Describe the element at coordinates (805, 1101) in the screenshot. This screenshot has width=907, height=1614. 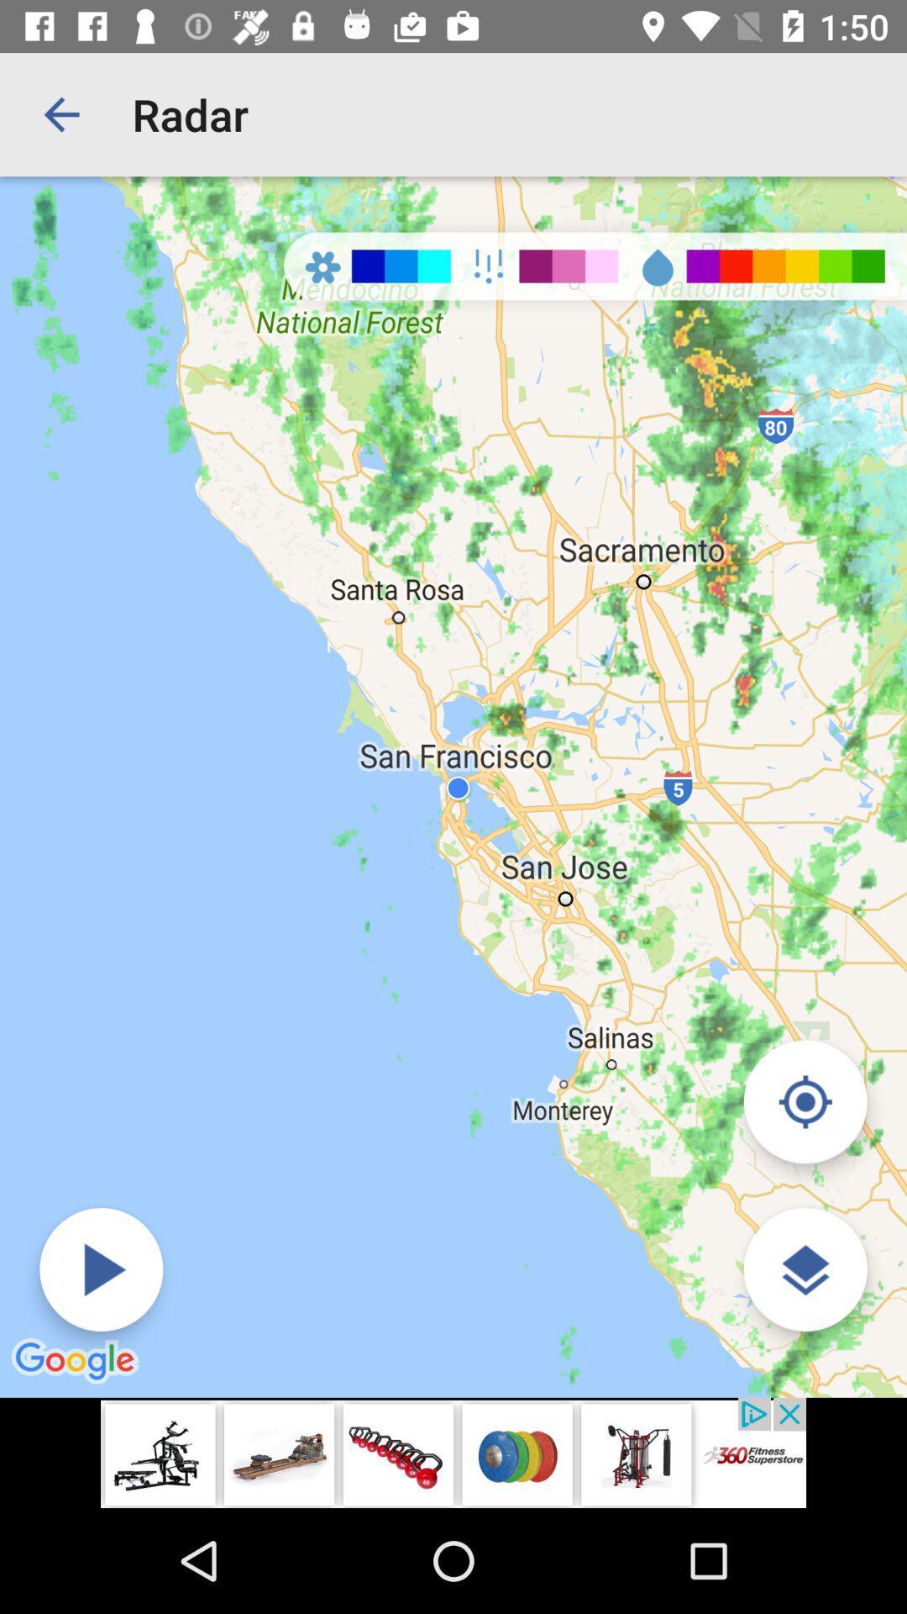
I see `location option` at that location.